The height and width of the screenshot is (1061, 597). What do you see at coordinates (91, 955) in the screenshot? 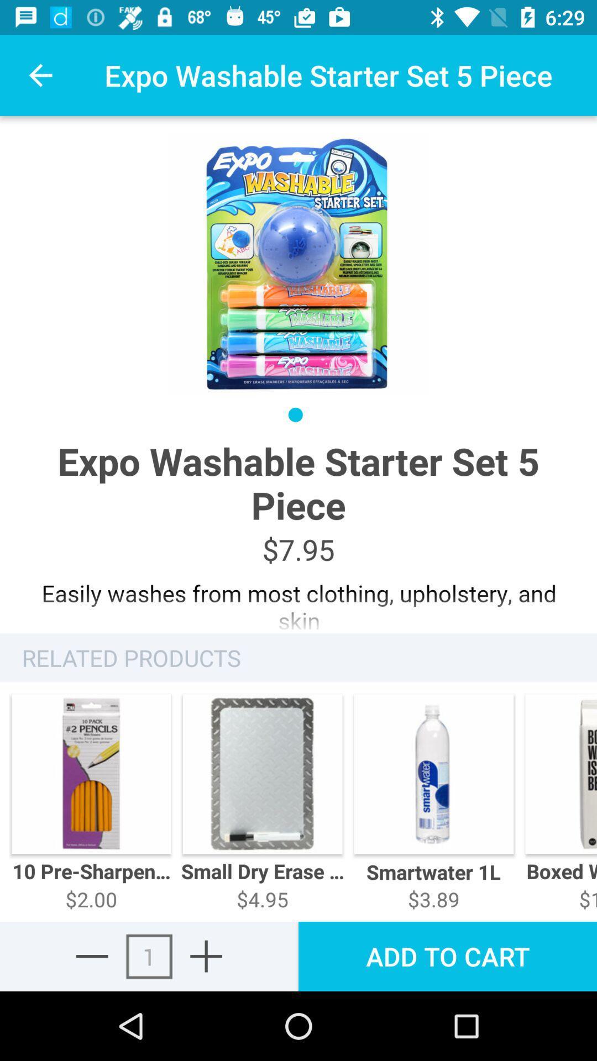
I see `the minus icon` at bounding box center [91, 955].